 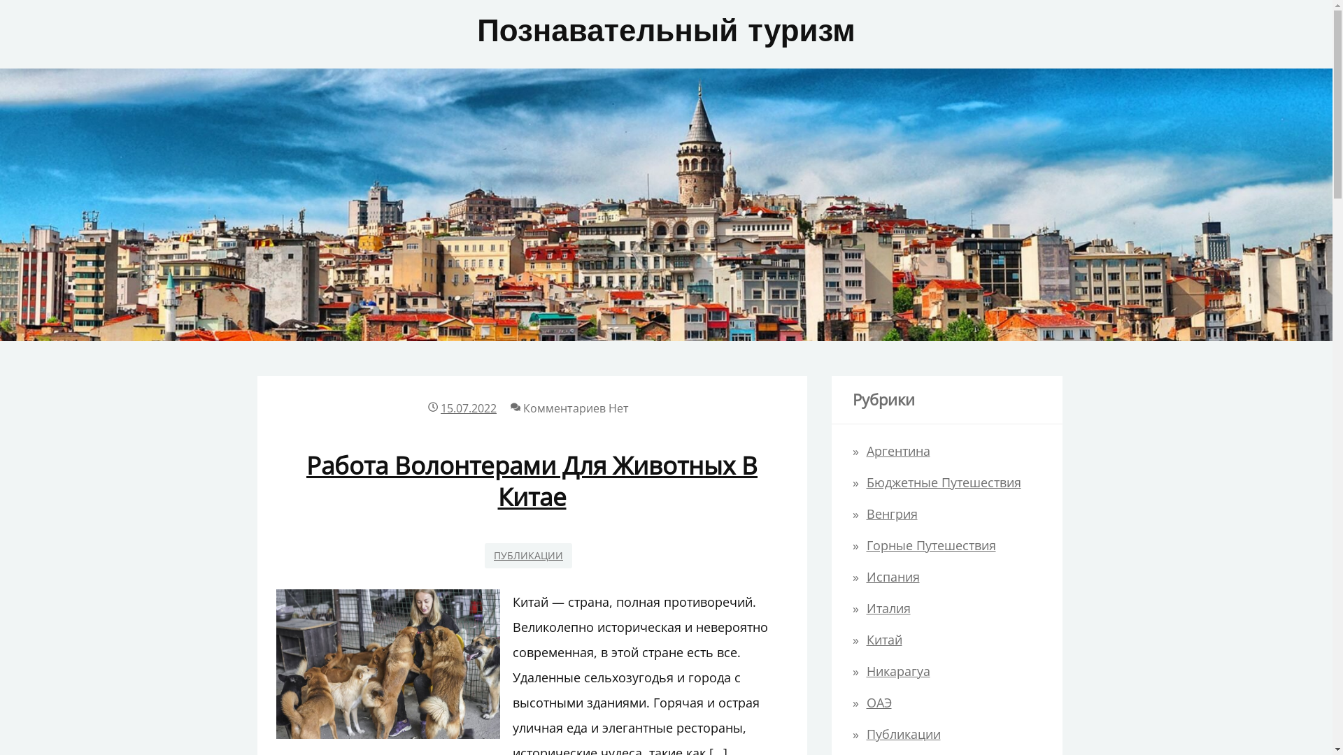 What do you see at coordinates (469, 408) in the screenshot?
I see `'15.07.2022'` at bounding box center [469, 408].